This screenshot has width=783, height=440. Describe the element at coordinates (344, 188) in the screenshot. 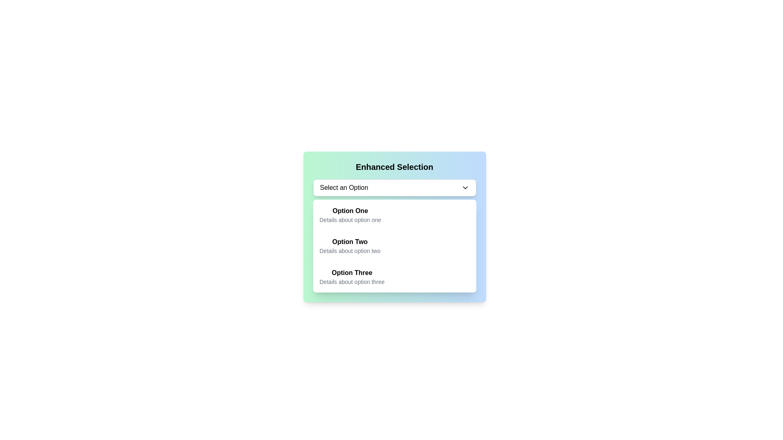

I see `static text label indicating that the user should select an option from the dropdown menu, located at the top-left of the dropdown box, to the left of the chevron-down icon` at that location.